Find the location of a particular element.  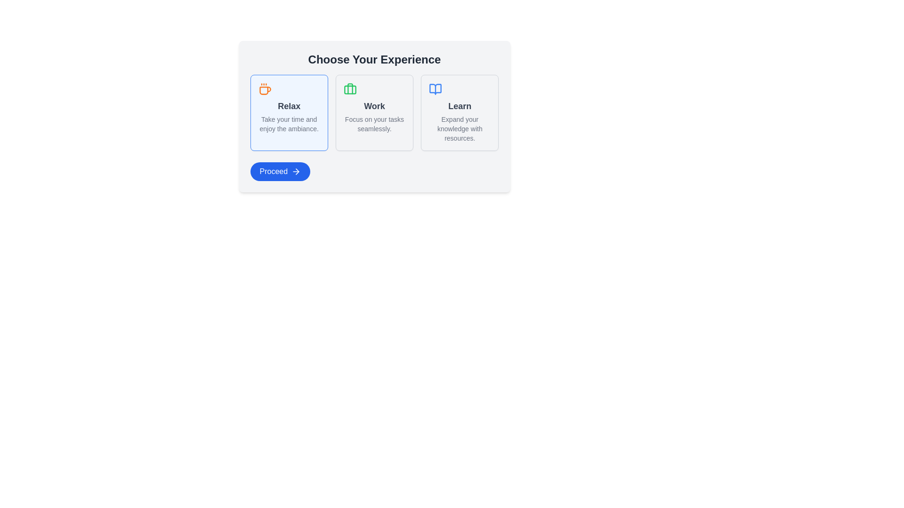

the 'Learn' icon, which symbolizes the learning action within the 'Learn' card layout is located at coordinates (435, 89).